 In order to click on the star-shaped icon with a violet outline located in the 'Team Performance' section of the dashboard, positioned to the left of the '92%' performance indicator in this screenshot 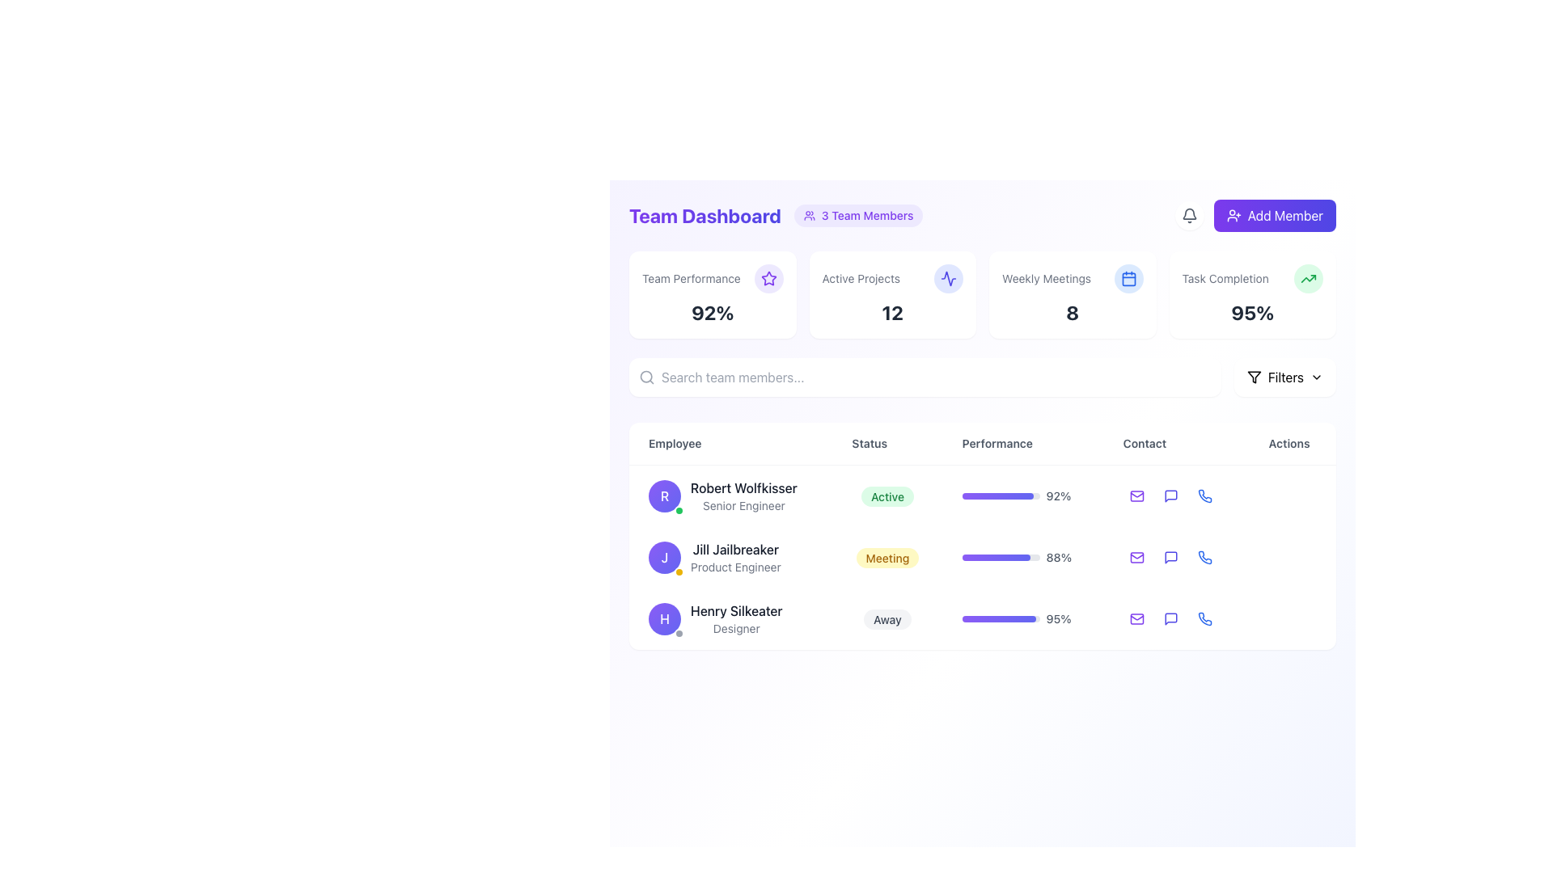, I will do `click(768, 277)`.